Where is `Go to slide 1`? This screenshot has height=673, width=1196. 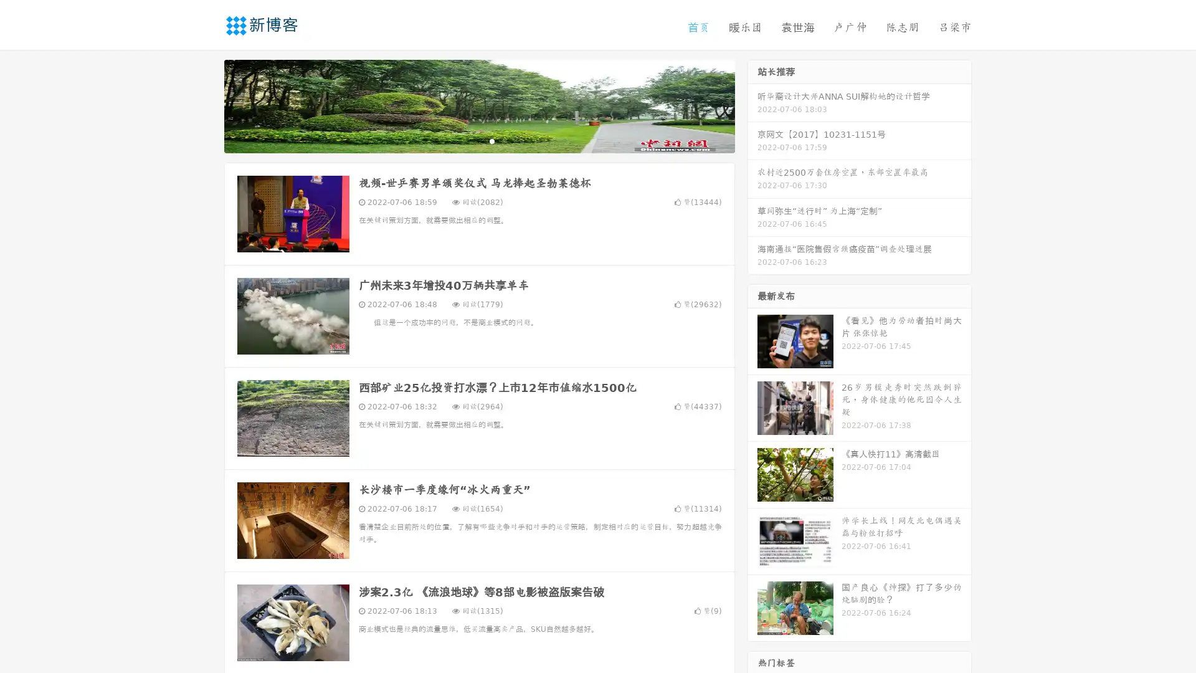
Go to slide 1 is located at coordinates (466, 140).